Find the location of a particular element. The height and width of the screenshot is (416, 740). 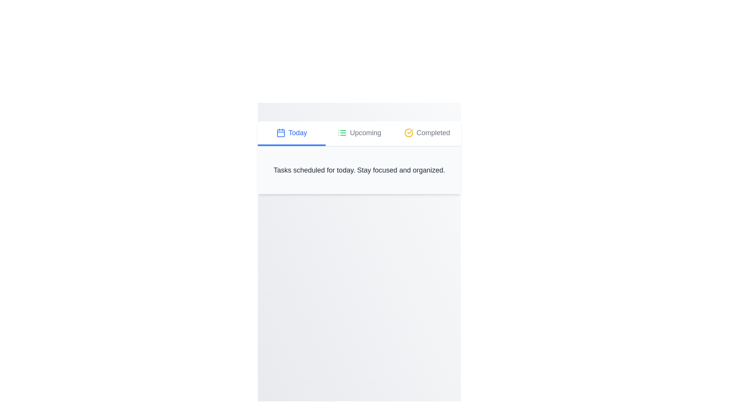

the Today tab by clicking on its corresponding button is located at coordinates (291, 133).